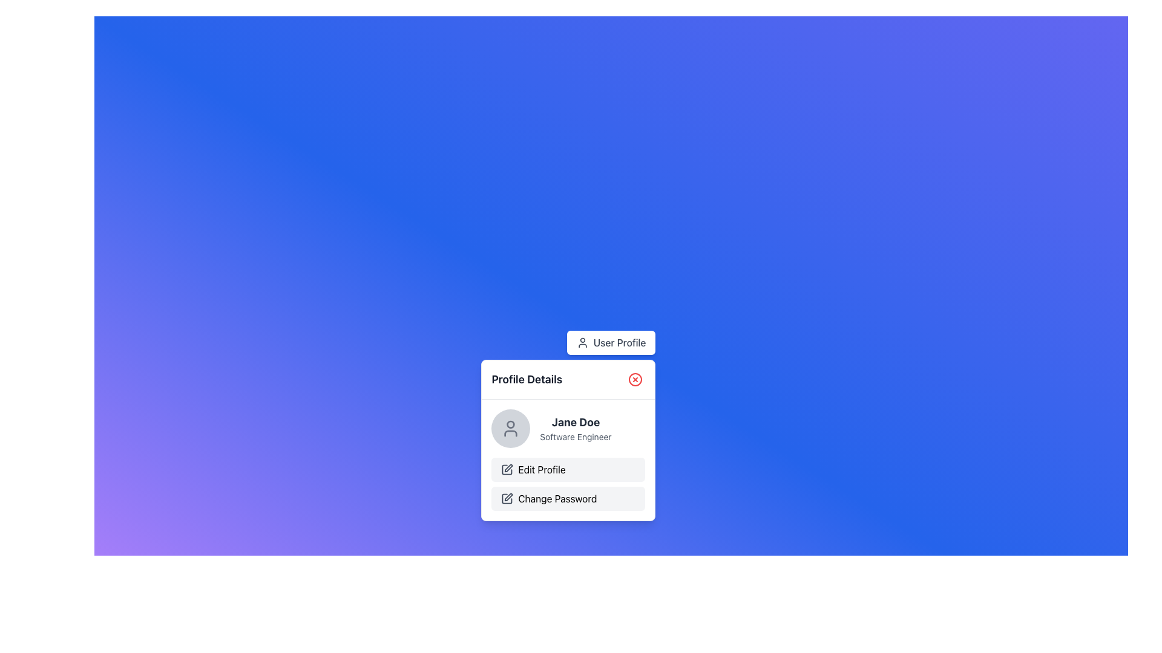 The image size is (1162, 653). What do you see at coordinates (541, 469) in the screenshot?
I see `the text label within the button that activates the profile editing functionality, located in the second position of the vertical group below the user profile details` at bounding box center [541, 469].